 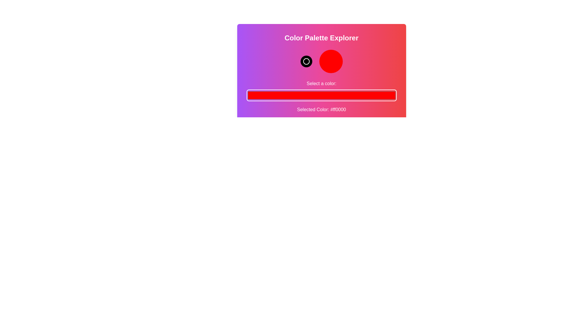 What do you see at coordinates (321, 95) in the screenshot?
I see `the color picker to a specific color value 12693493` at bounding box center [321, 95].